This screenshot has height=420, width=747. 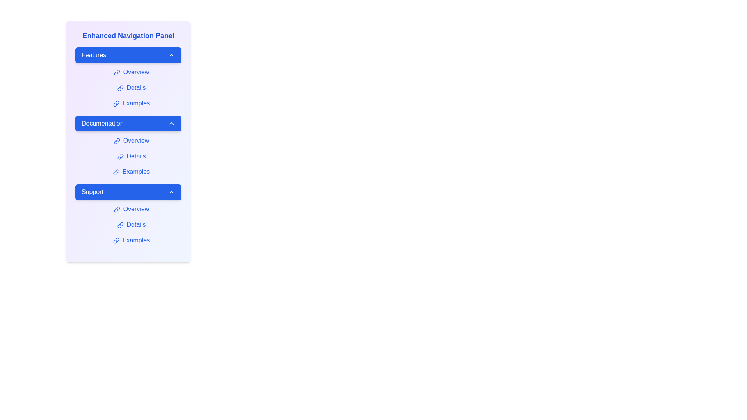 What do you see at coordinates (128, 215) in the screenshot?
I see `the 'Support Overview Details Examples' section` at bounding box center [128, 215].